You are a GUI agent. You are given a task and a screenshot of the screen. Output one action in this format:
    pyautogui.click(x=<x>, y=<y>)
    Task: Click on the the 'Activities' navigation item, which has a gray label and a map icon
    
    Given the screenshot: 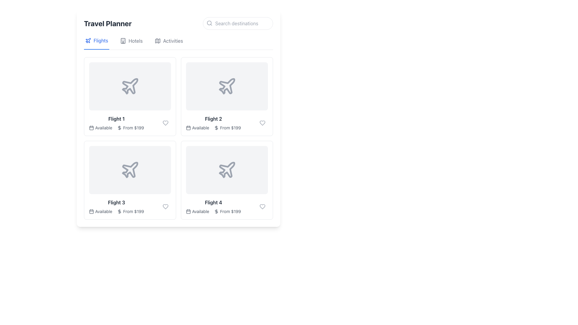 What is the action you would take?
    pyautogui.click(x=169, y=43)
    